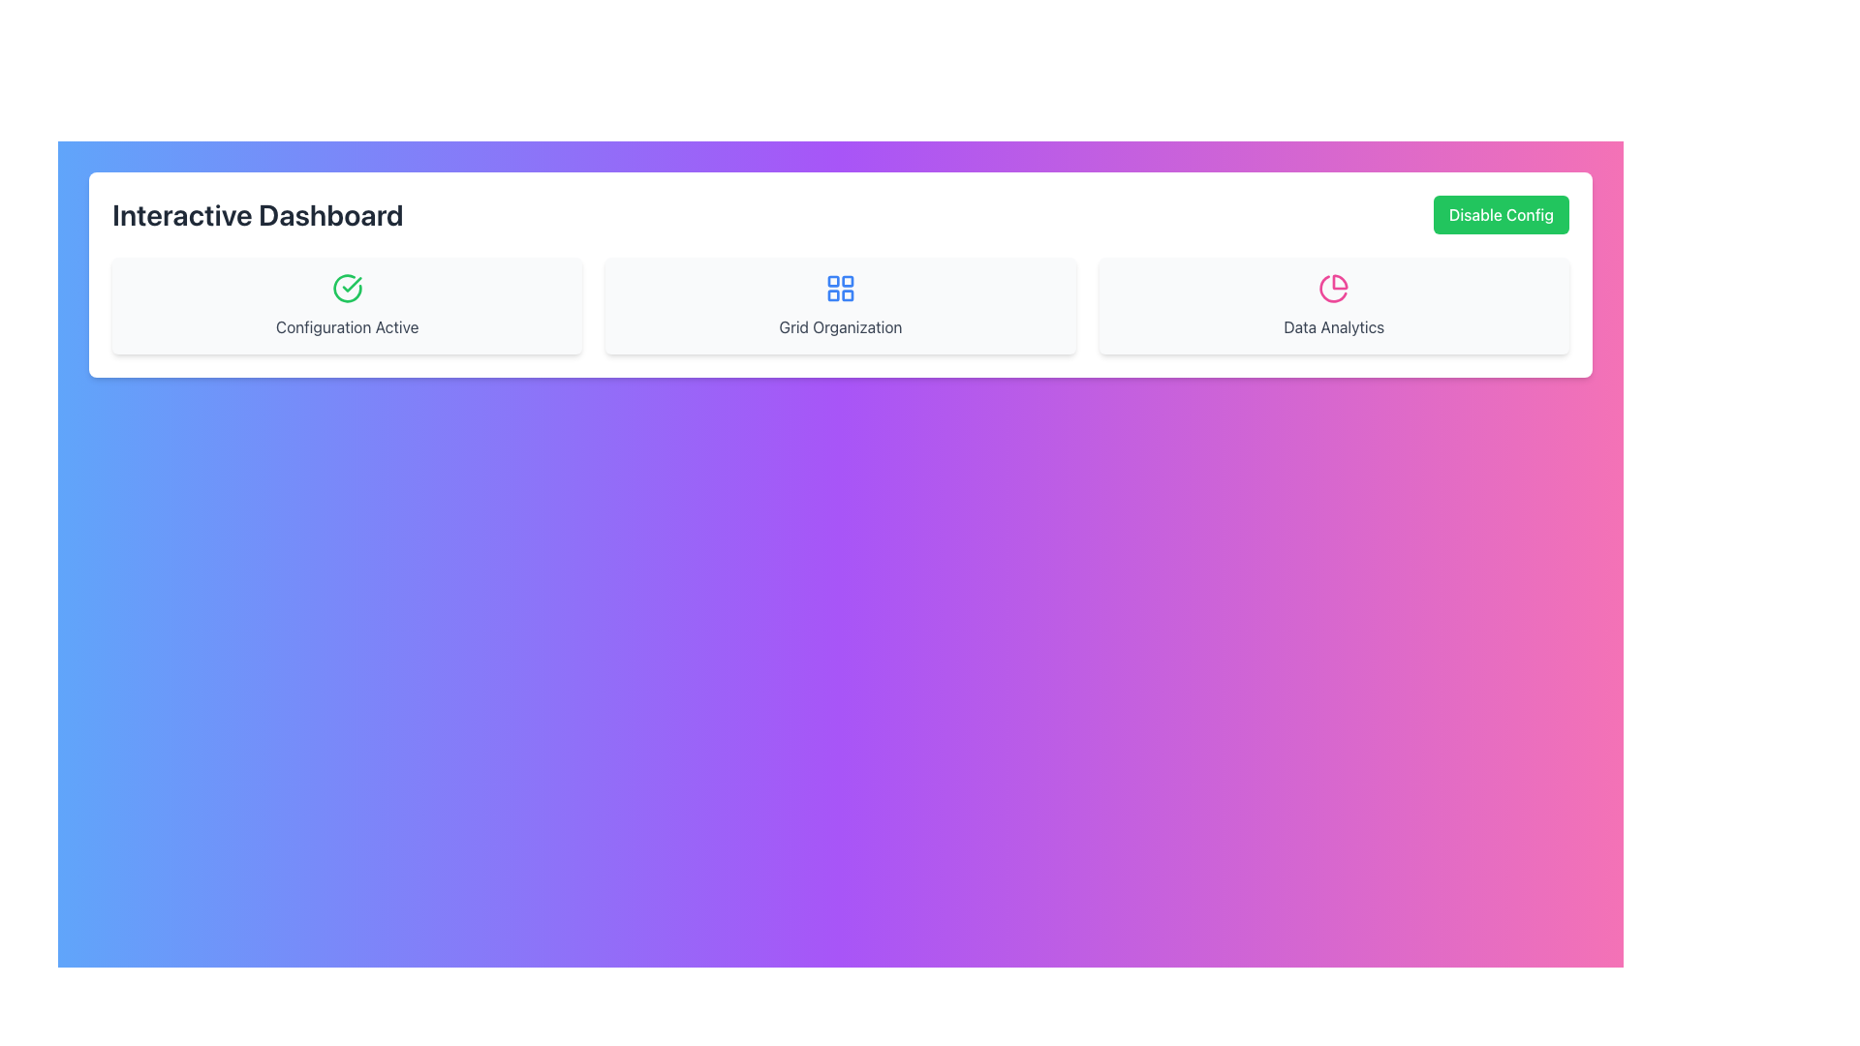  Describe the element at coordinates (841, 288) in the screenshot. I see `the grid icon, which is a 2x2 grid of small squares outlined in blue` at that location.